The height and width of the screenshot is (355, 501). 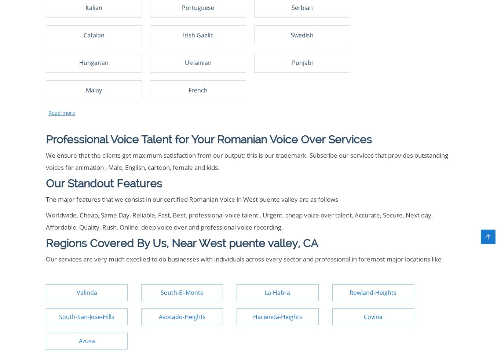 What do you see at coordinates (70, 105) in the screenshot?
I see `'© Copyright 2023'` at bounding box center [70, 105].